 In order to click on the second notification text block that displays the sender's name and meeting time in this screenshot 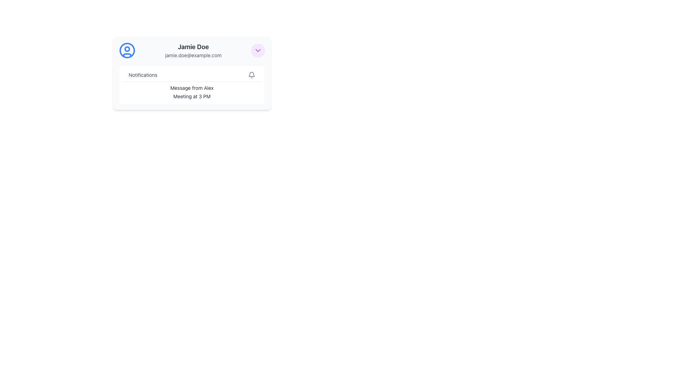, I will do `click(192, 92)`.